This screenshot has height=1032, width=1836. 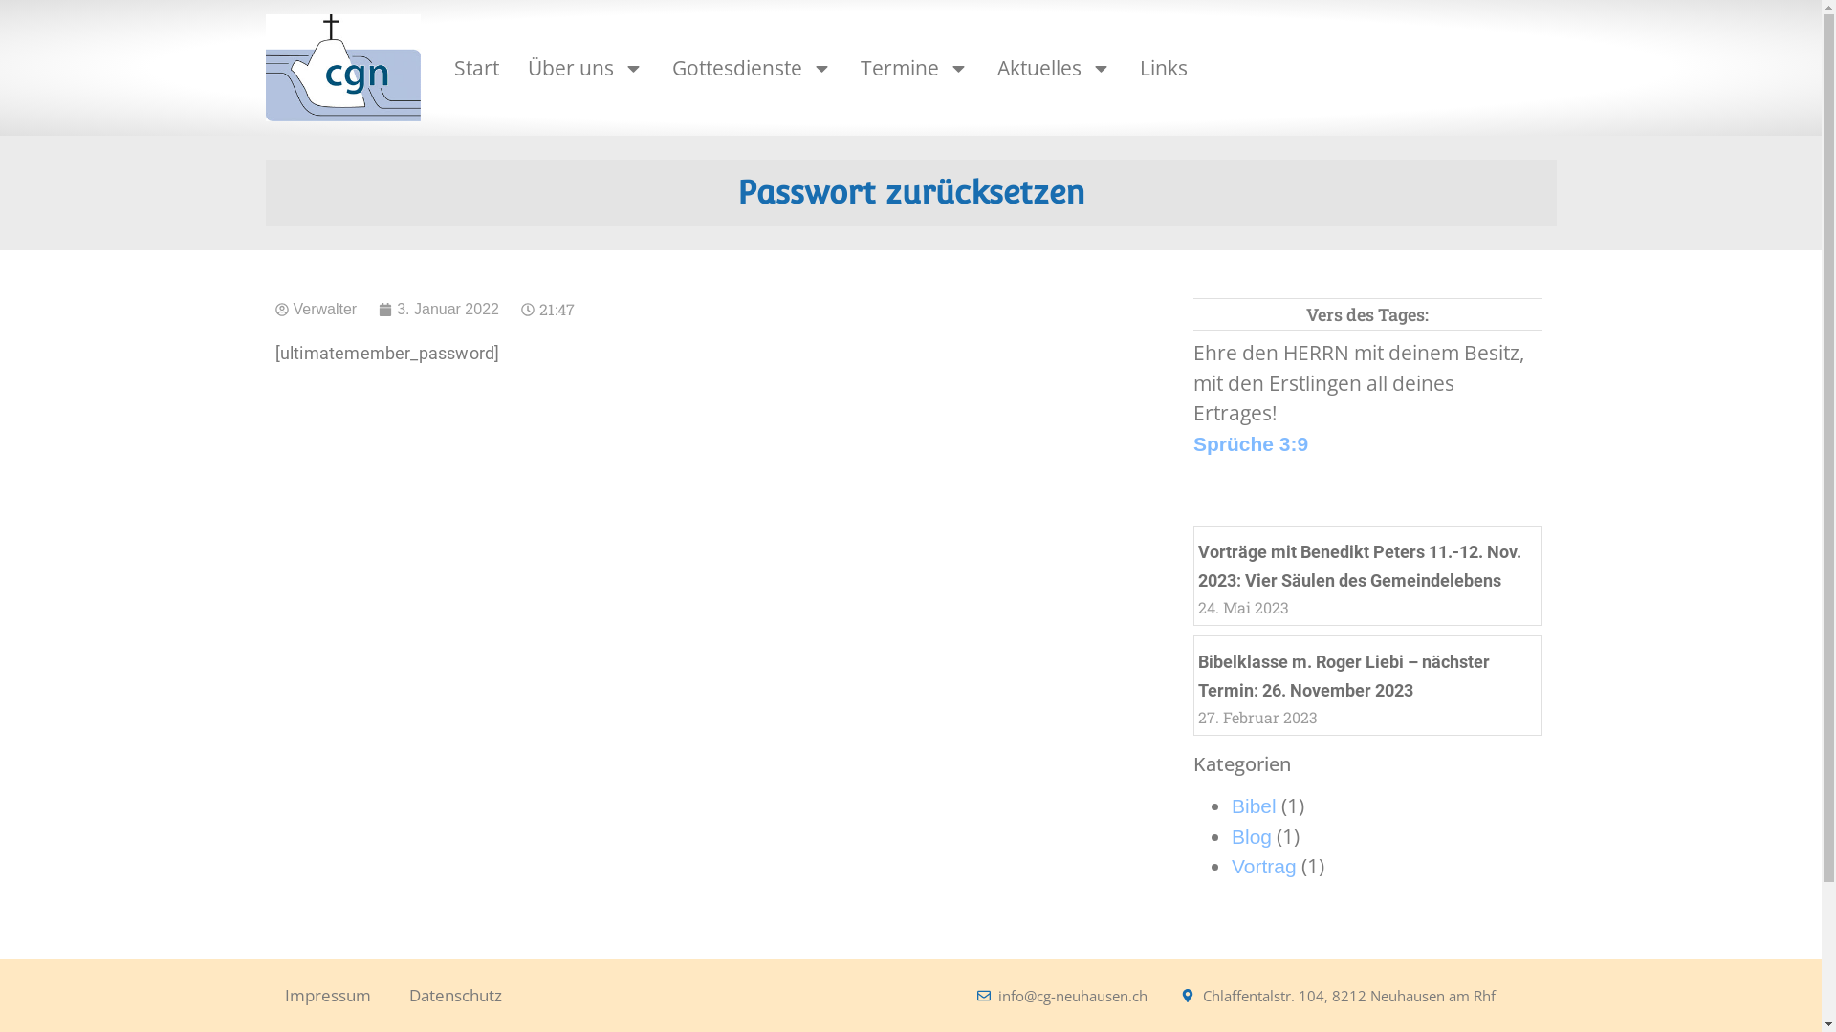 I want to click on 'Termine', so click(x=849, y=67).